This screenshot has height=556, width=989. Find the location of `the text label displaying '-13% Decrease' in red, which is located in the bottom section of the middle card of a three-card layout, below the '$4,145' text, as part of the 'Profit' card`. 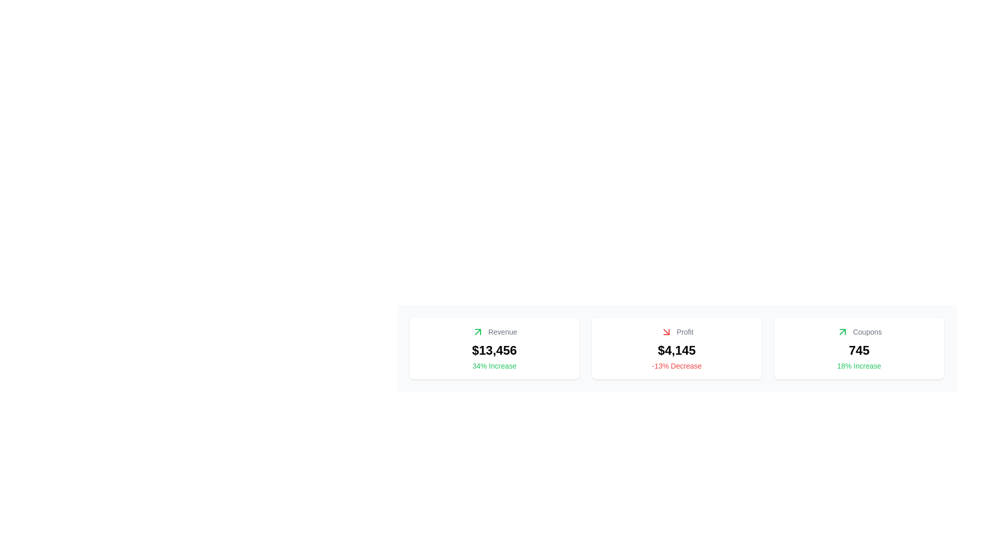

the text label displaying '-13% Decrease' in red, which is located in the bottom section of the middle card of a three-card layout, below the '$4,145' text, as part of the 'Profit' card is located at coordinates (677, 365).